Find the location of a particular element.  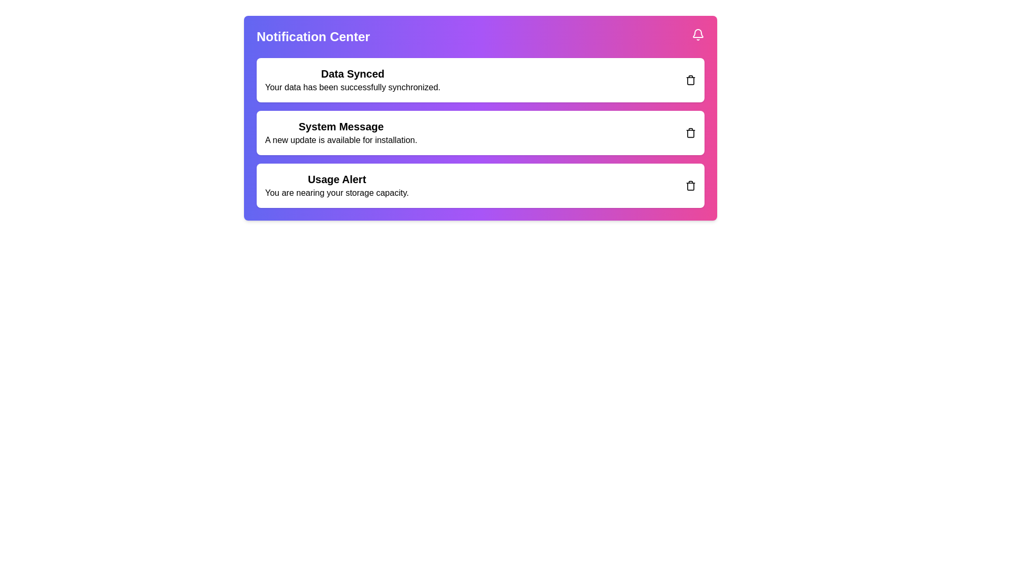

the notification bell icon located to the right of the 'Notification Center' header, which has a minimalist outline design is located at coordinates (698, 34).